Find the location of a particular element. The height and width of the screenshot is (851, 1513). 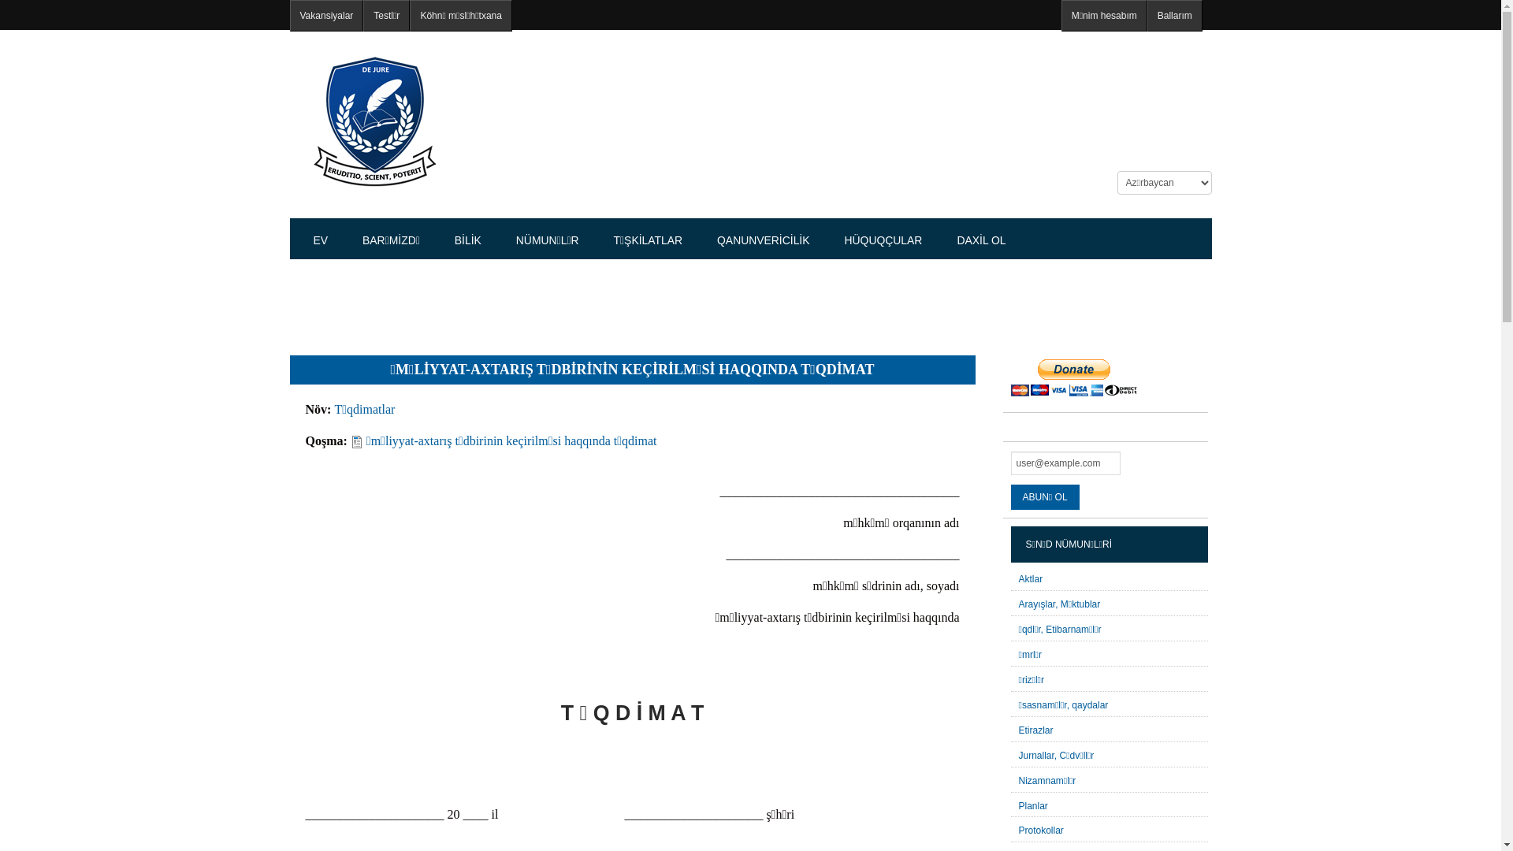

'Vakansiyalar' is located at coordinates (325, 15).